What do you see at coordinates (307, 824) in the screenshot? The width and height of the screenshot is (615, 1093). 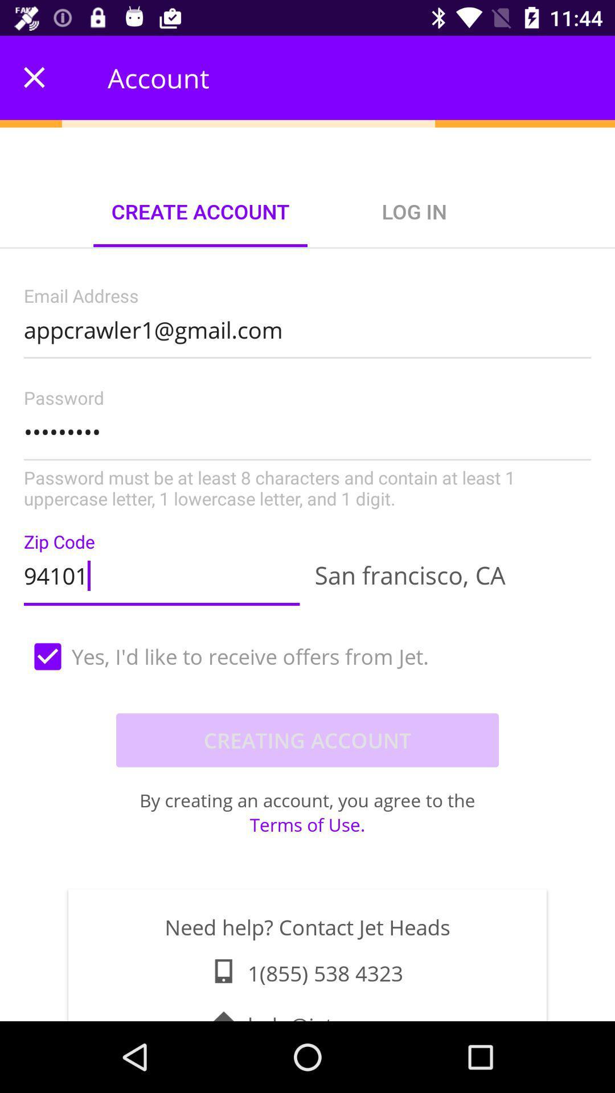 I see `the item above need help contact item` at bounding box center [307, 824].